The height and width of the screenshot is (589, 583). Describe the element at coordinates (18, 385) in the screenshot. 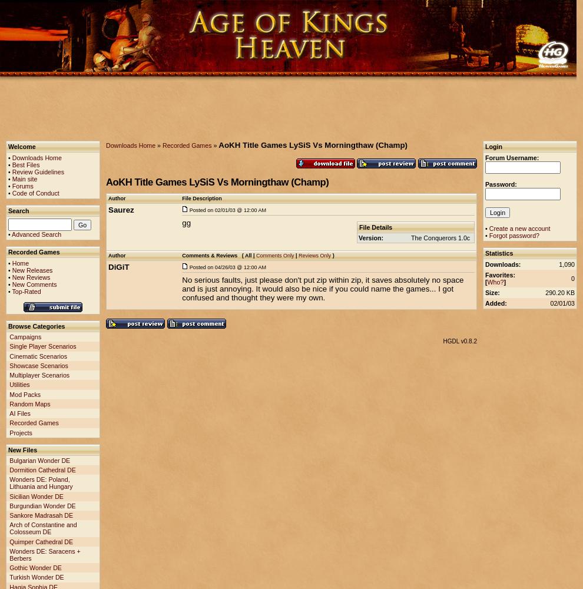

I see `'Utilities'` at that location.